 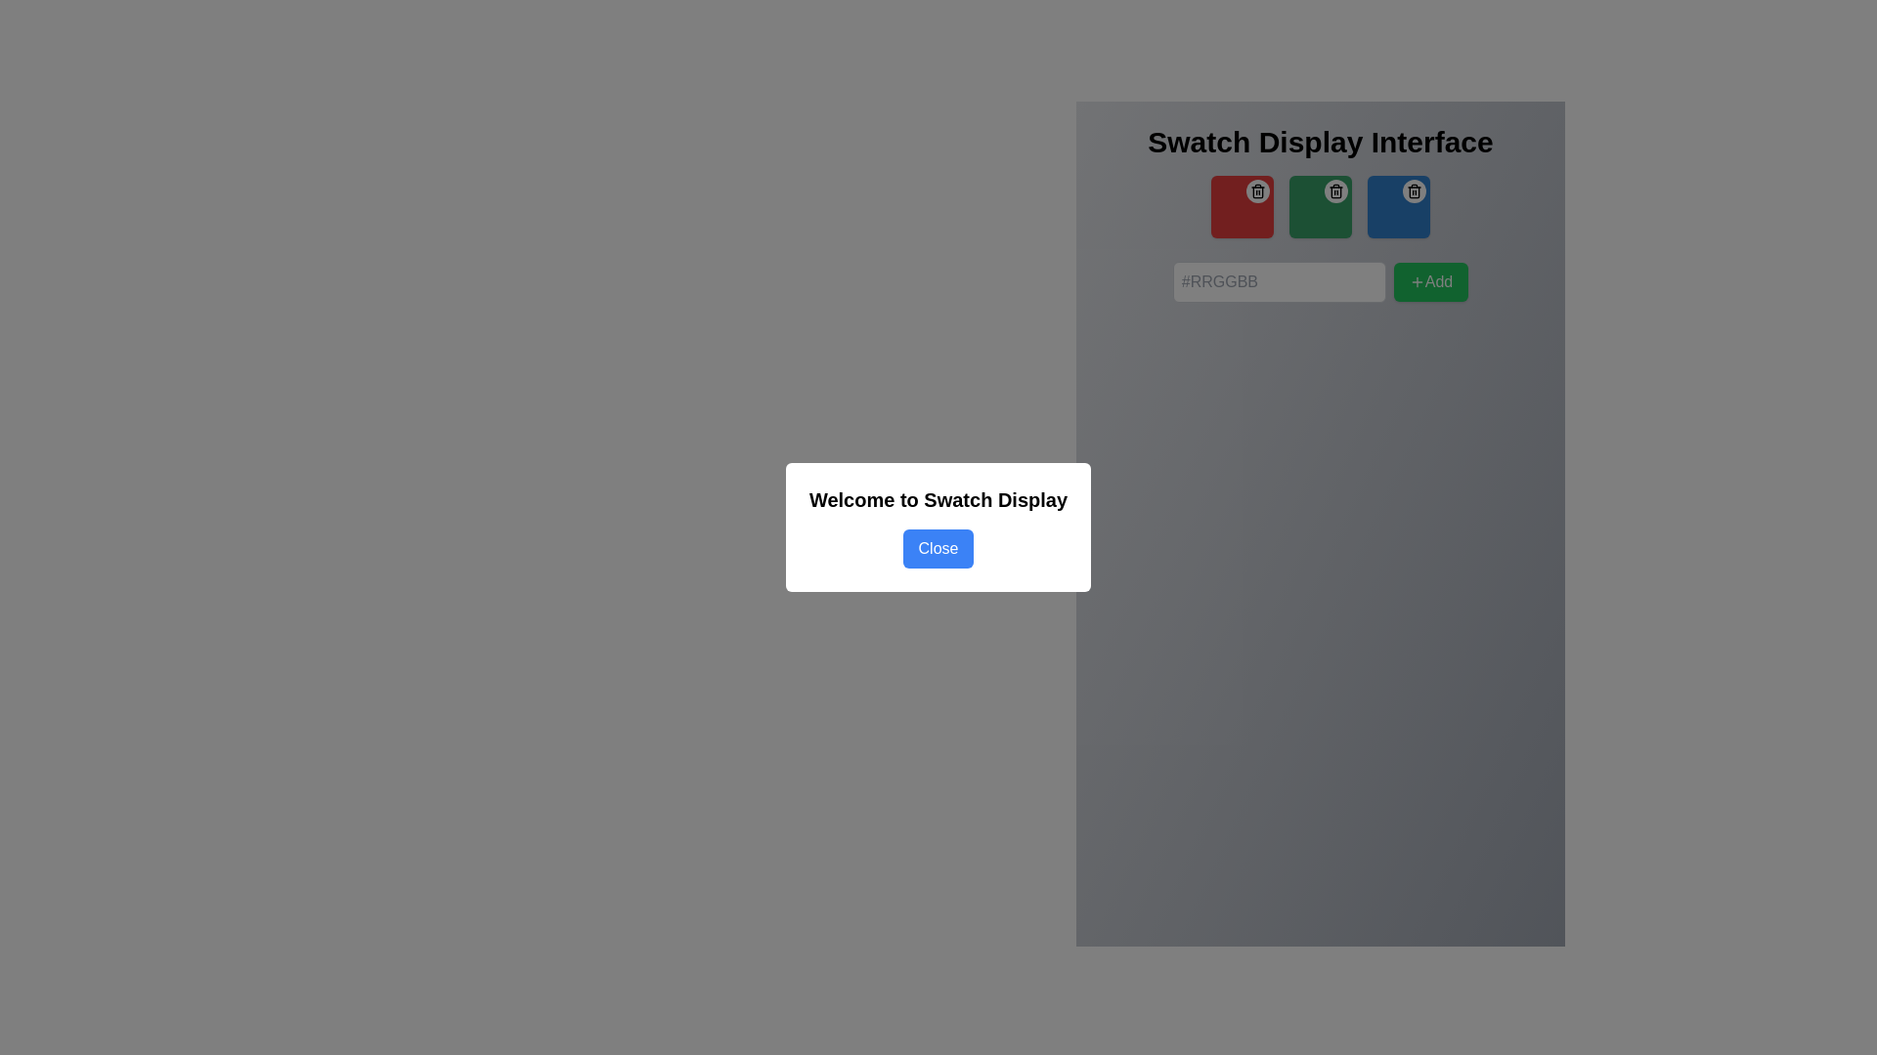 I want to click on the trash icon button, which is a small trash can symbol with rounded corners, displayed in a minimalist style within a circular white background, located in the green-colored square section of the interface, so click(x=1335, y=191).